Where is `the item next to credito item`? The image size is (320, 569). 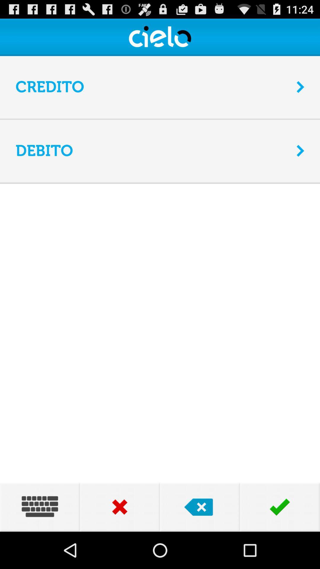 the item next to credito item is located at coordinates (300, 87).